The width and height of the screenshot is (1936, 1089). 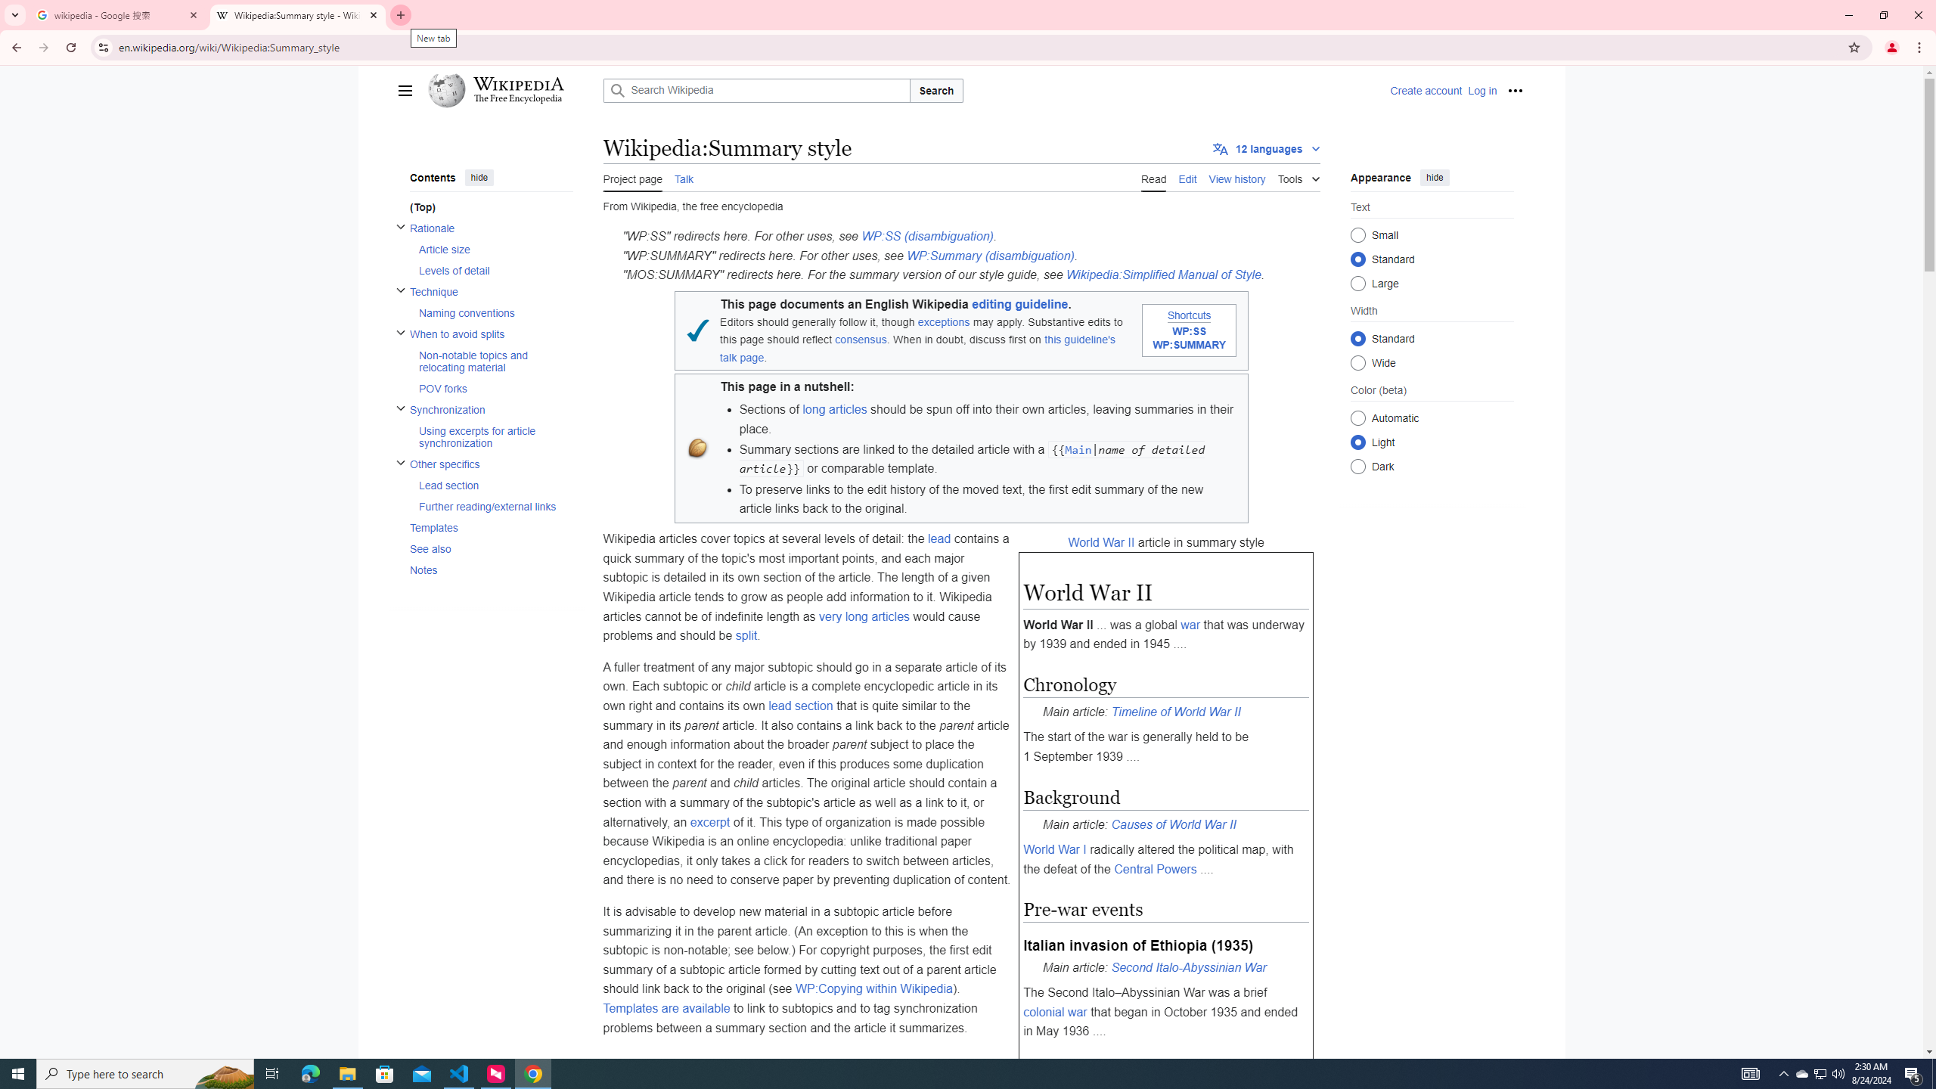 I want to click on 'Log in', so click(x=1481, y=90).